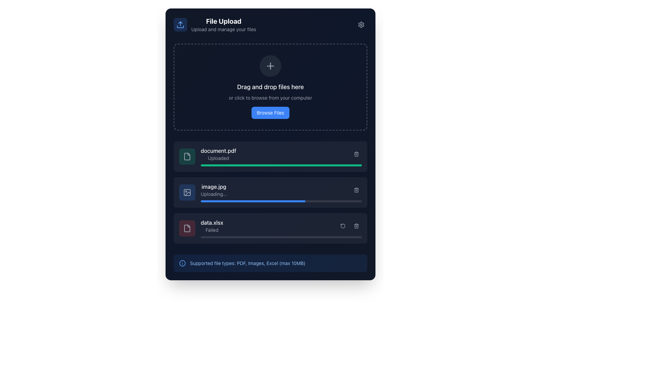  What do you see at coordinates (270, 263) in the screenshot?
I see `the informational text display that indicates supported file types and maximum file size, which is styled with a blue background and smaller lighter blue font, located at the bottom of the file upload interface` at bounding box center [270, 263].